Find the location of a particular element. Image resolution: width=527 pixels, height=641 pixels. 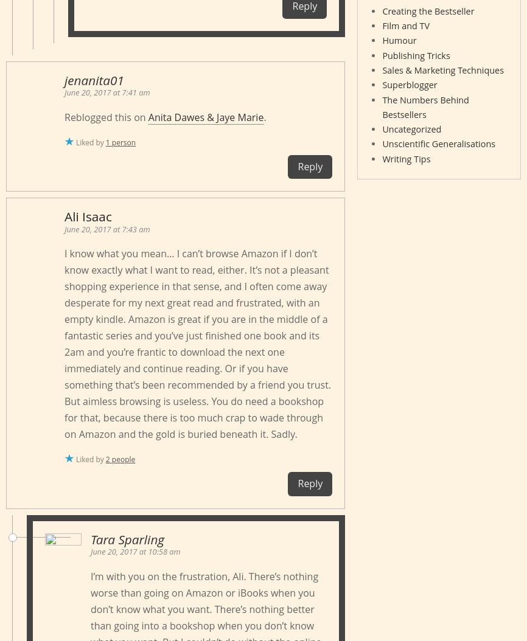

'Superblogger' is located at coordinates (408, 85).